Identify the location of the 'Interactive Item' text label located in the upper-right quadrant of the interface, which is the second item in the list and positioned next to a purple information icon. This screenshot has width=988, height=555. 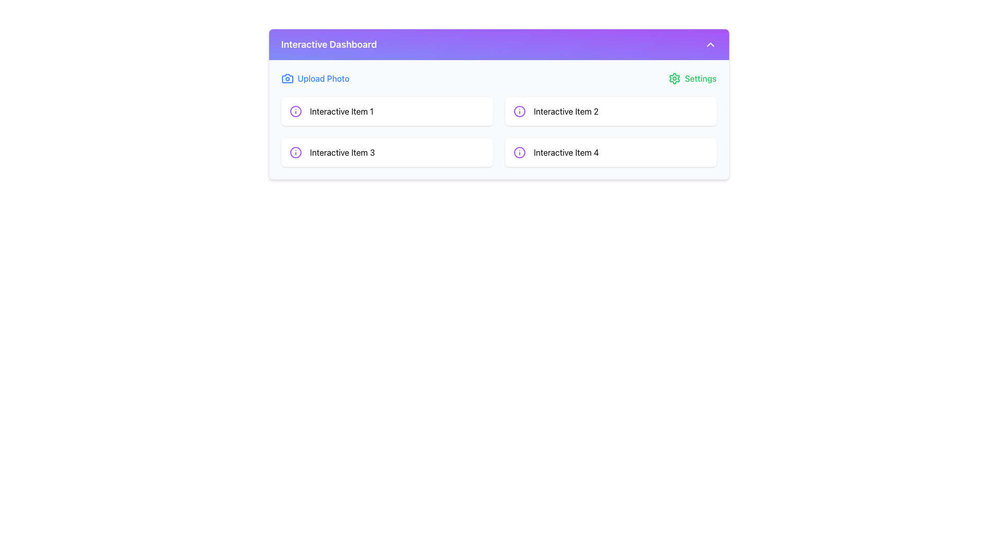
(566, 111).